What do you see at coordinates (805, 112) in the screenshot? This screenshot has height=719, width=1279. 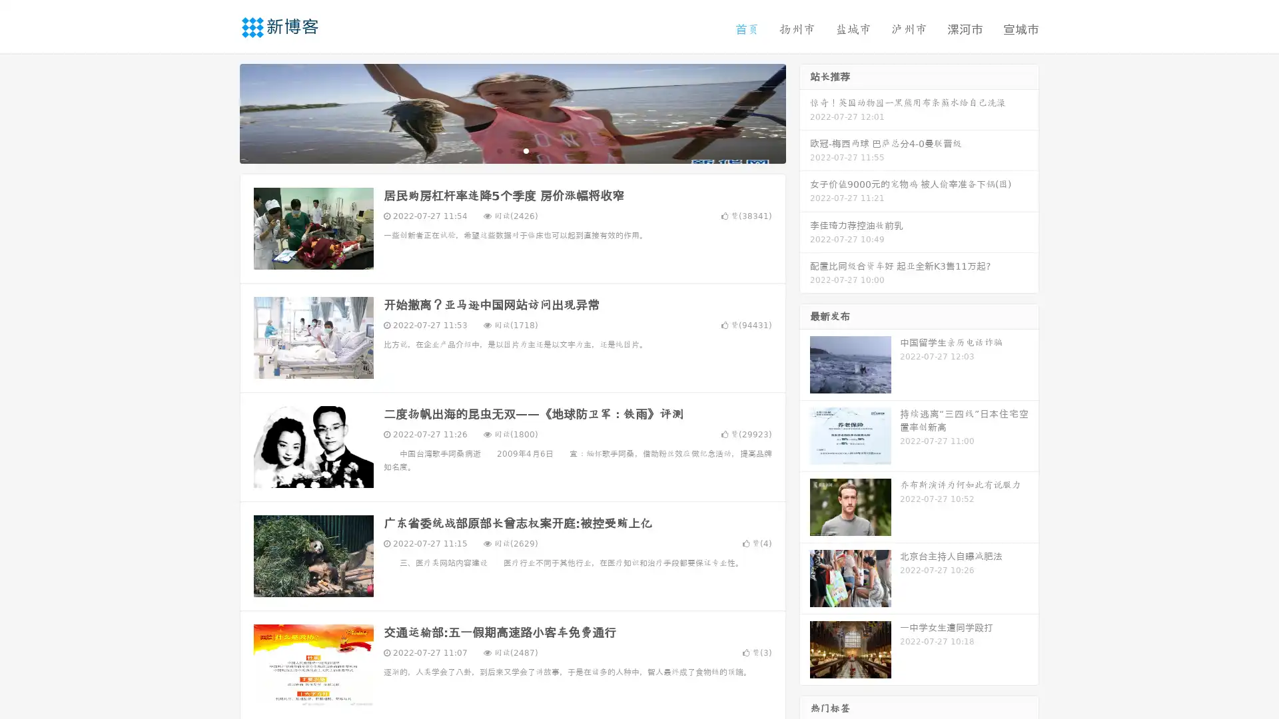 I see `Next slide` at bounding box center [805, 112].